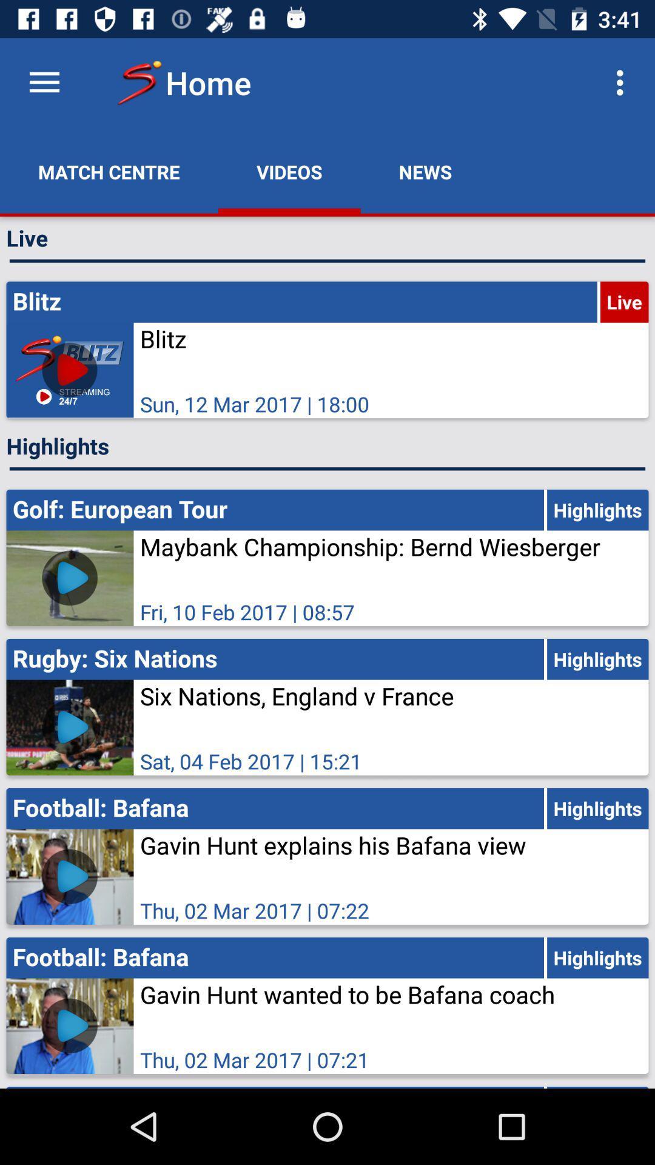 This screenshot has width=655, height=1165. What do you see at coordinates (44, 82) in the screenshot?
I see `sidebar menu` at bounding box center [44, 82].